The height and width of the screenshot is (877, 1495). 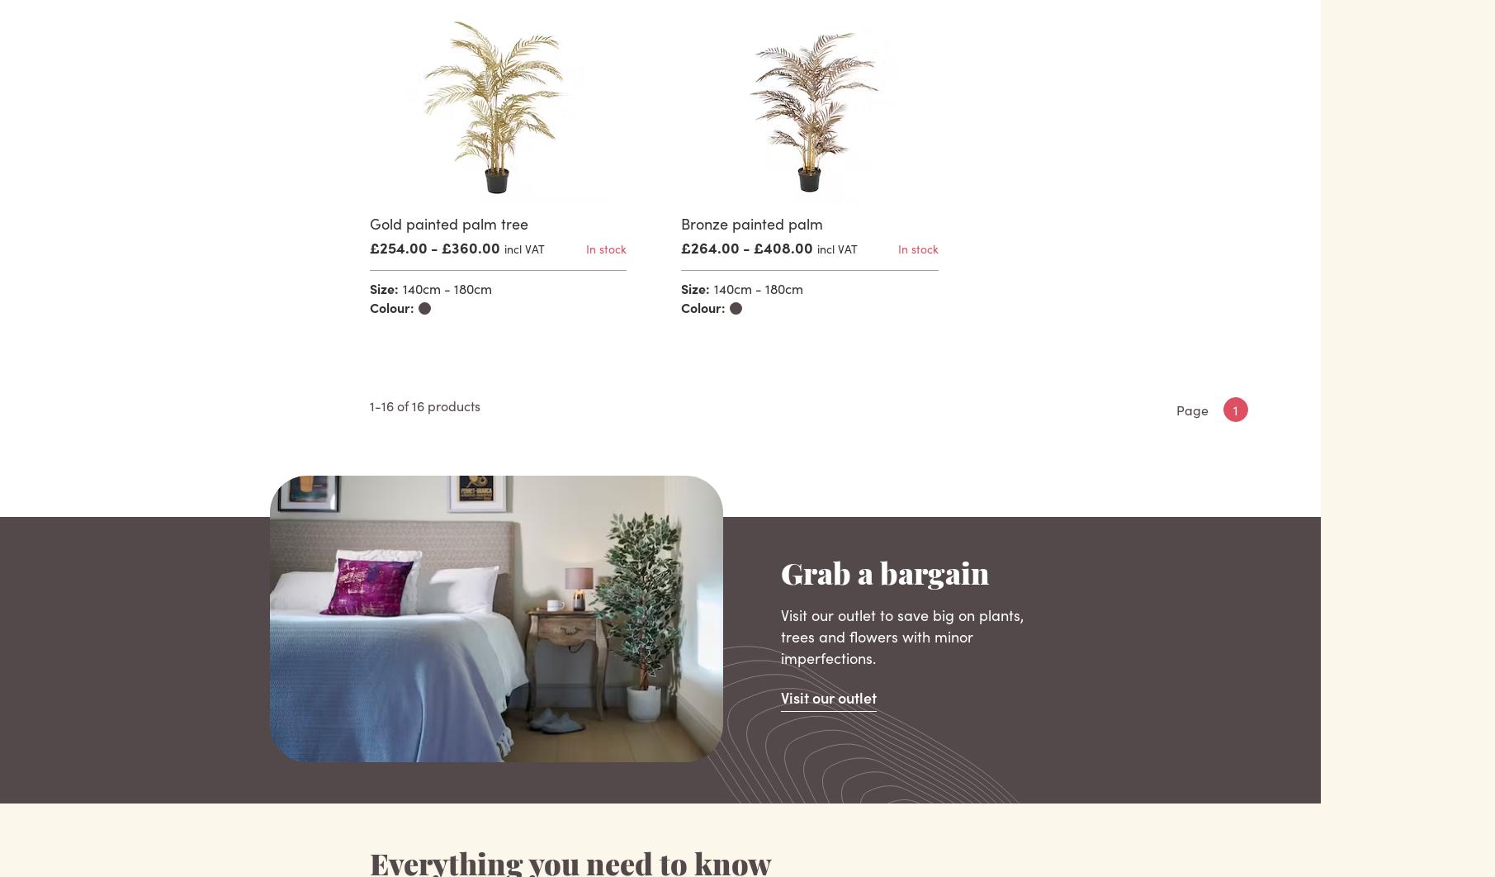 I want to click on 'Gold painted palm tree', so click(x=368, y=222).